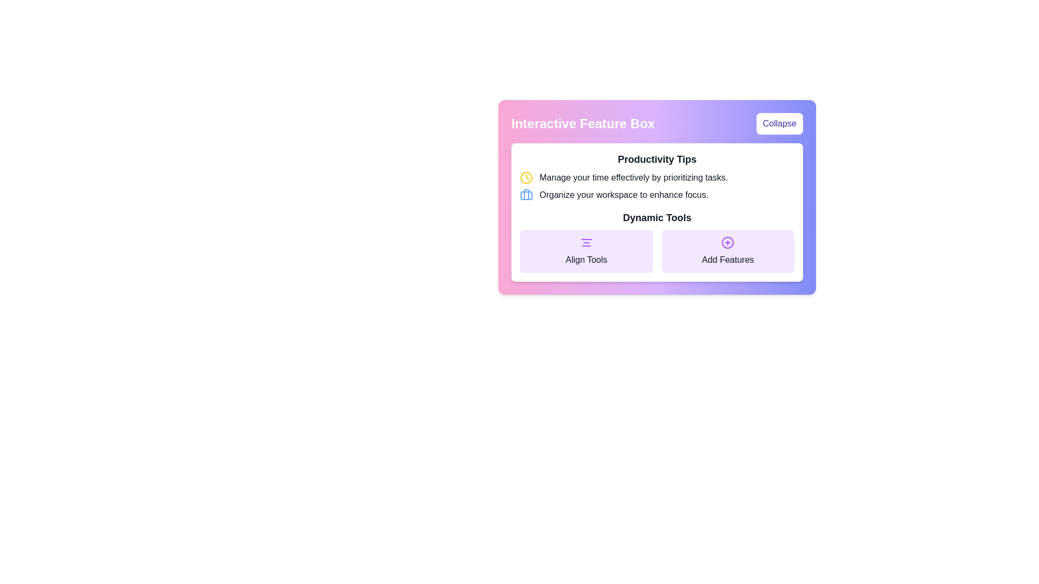 This screenshot has width=1039, height=584. I want to click on the organization icon in the 'Productivity Tips' section to trigger the tooltip, so click(527, 195).